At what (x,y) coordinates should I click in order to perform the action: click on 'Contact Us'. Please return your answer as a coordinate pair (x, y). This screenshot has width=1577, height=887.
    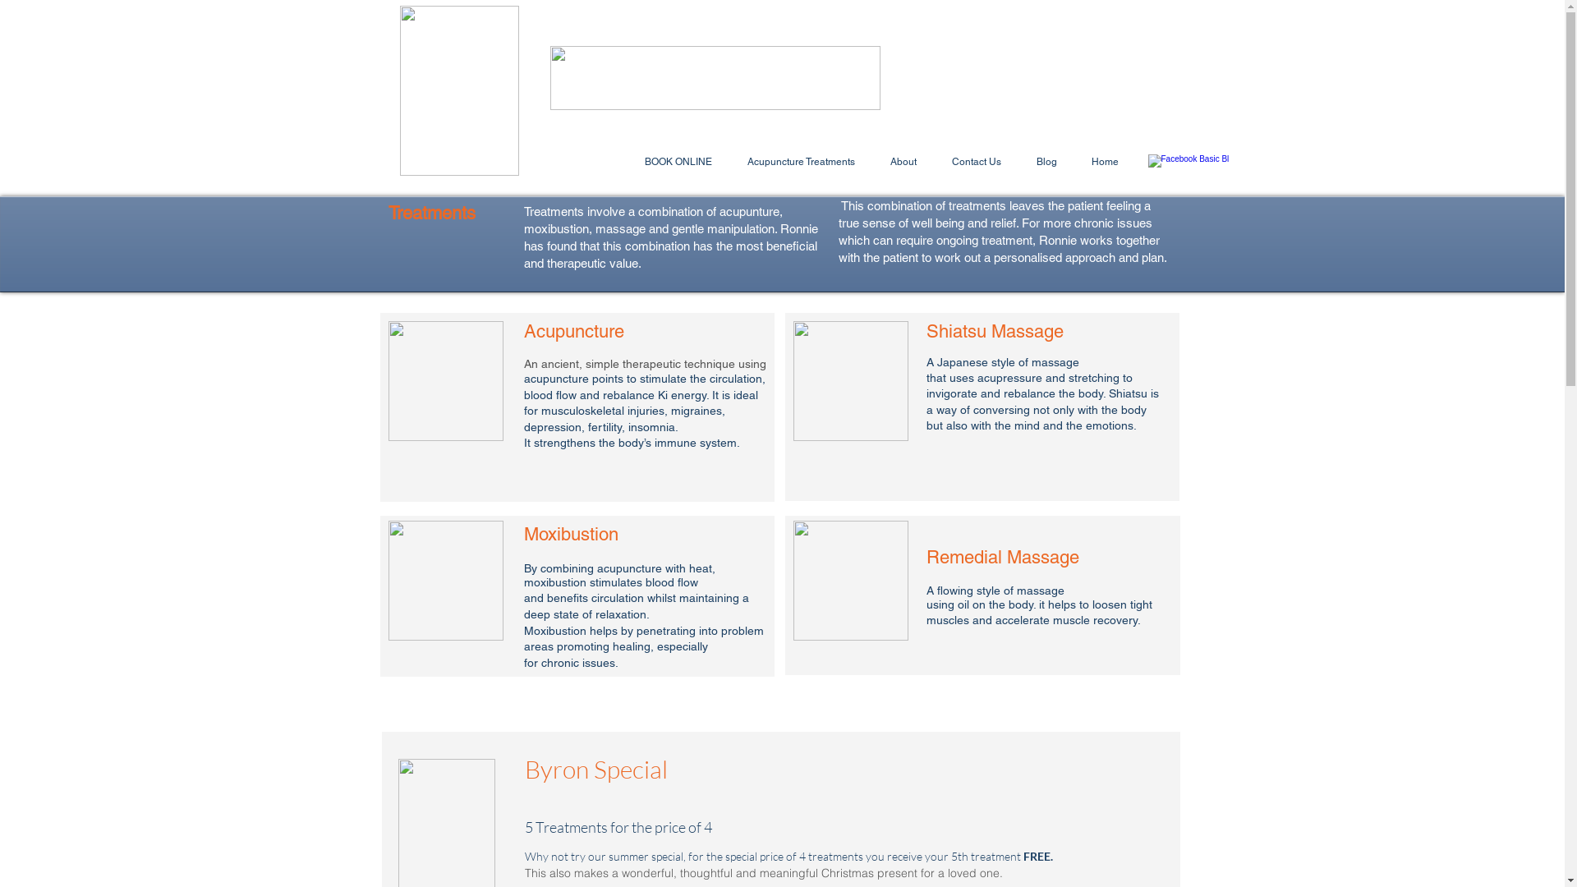
    Looking at the image, I should click on (977, 162).